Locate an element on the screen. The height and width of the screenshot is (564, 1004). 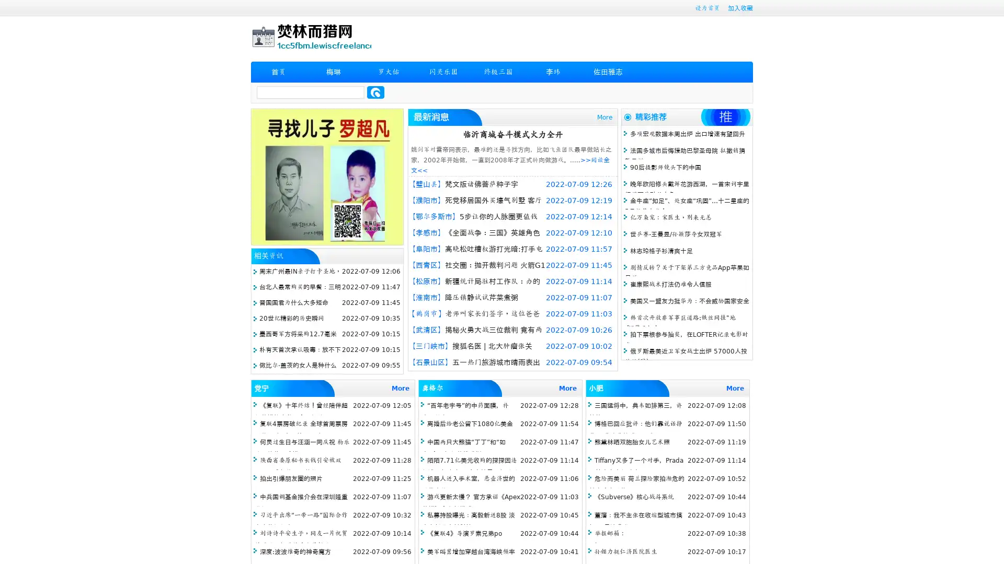
Search is located at coordinates (375, 92).